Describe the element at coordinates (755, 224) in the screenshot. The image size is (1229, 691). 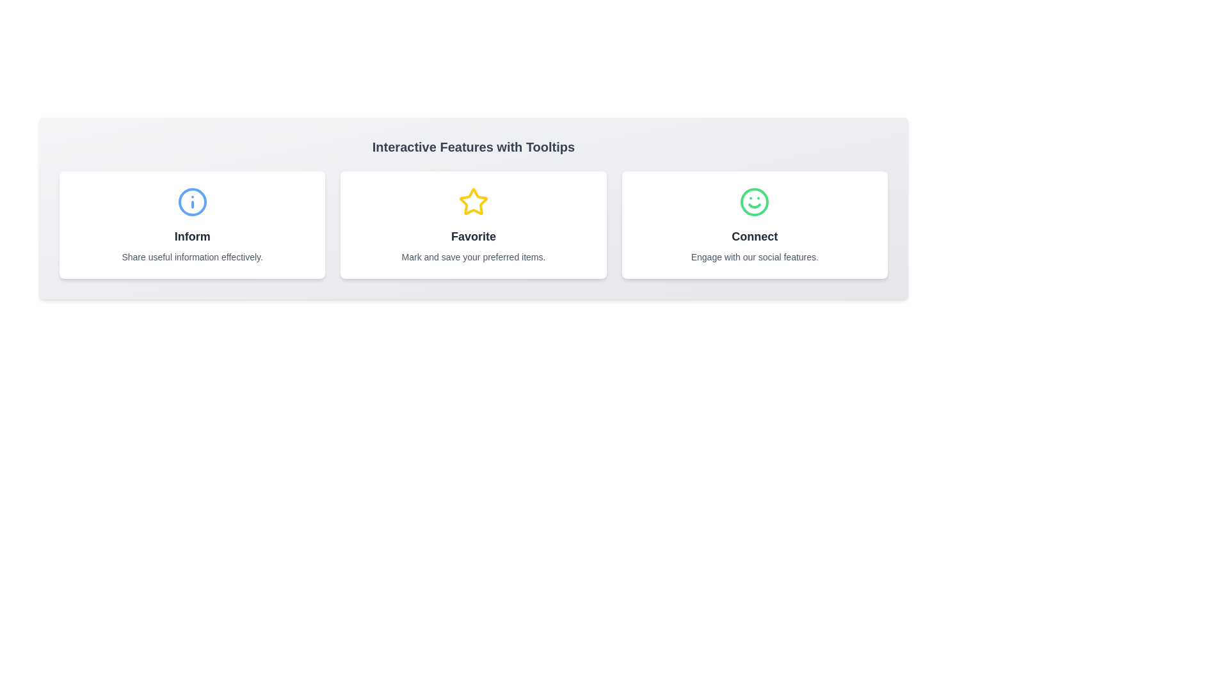
I see `information from the 'Connect' informational card, which is the rightmost card in a horizontally centered grid layout` at that location.